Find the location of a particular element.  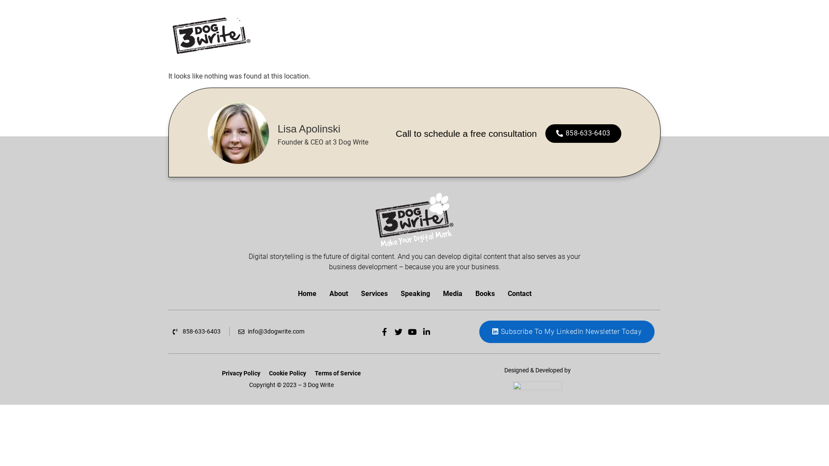

'Contact' is located at coordinates (519, 293).